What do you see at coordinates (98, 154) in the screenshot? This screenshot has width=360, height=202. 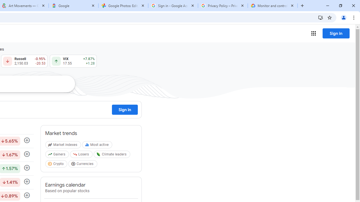 I see `'GLeaf logo'` at bounding box center [98, 154].